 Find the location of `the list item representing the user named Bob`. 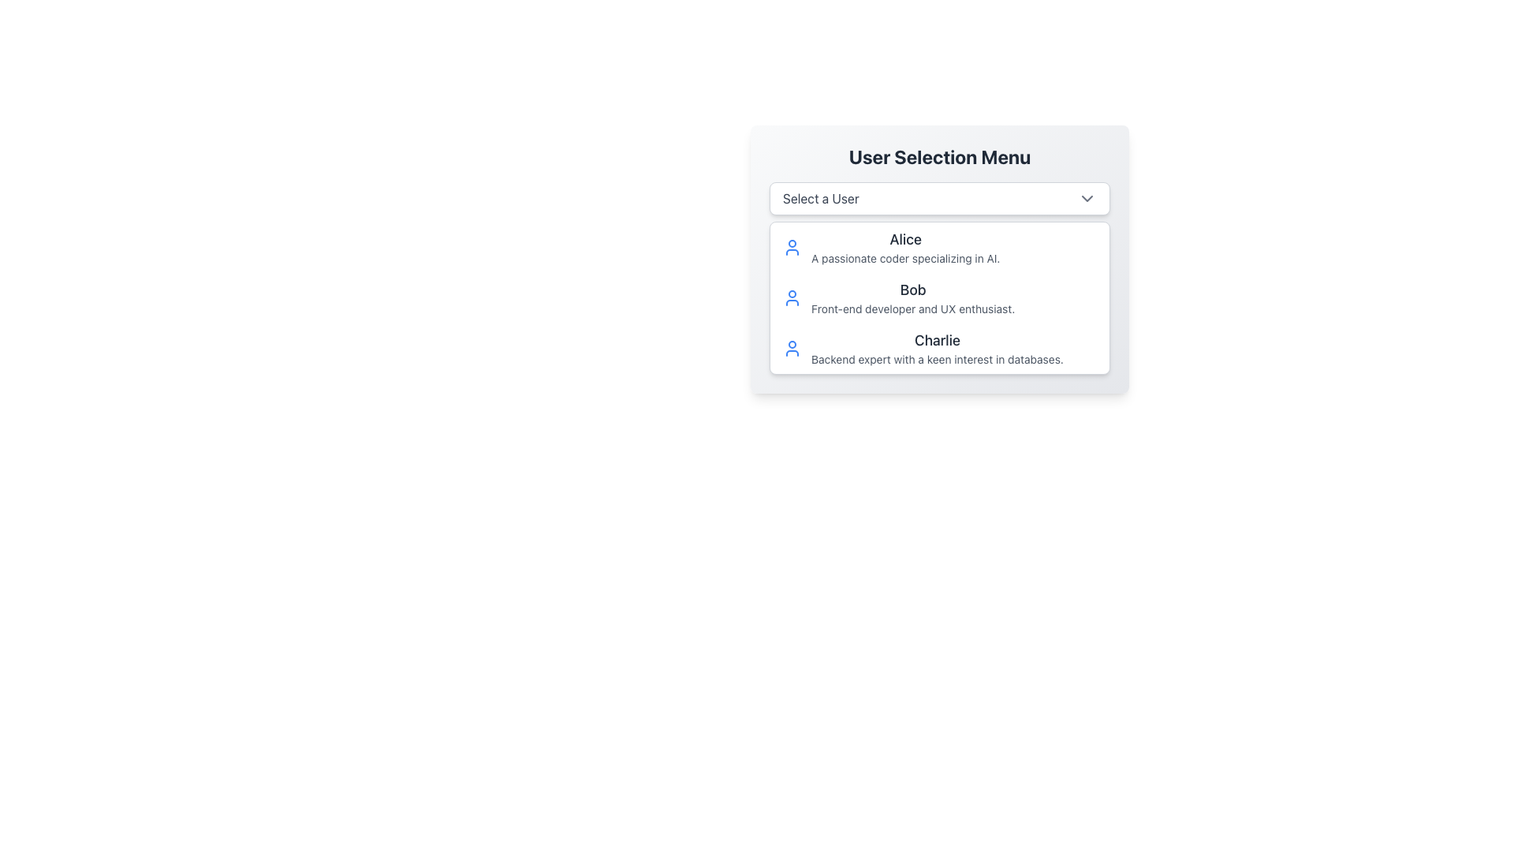

the list item representing the user named Bob is located at coordinates (939, 298).